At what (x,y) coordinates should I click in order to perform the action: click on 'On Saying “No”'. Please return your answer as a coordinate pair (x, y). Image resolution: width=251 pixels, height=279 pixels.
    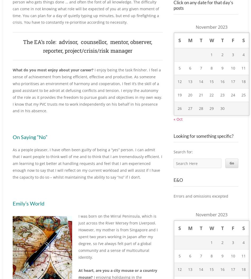
    Looking at the image, I should click on (12, 137).